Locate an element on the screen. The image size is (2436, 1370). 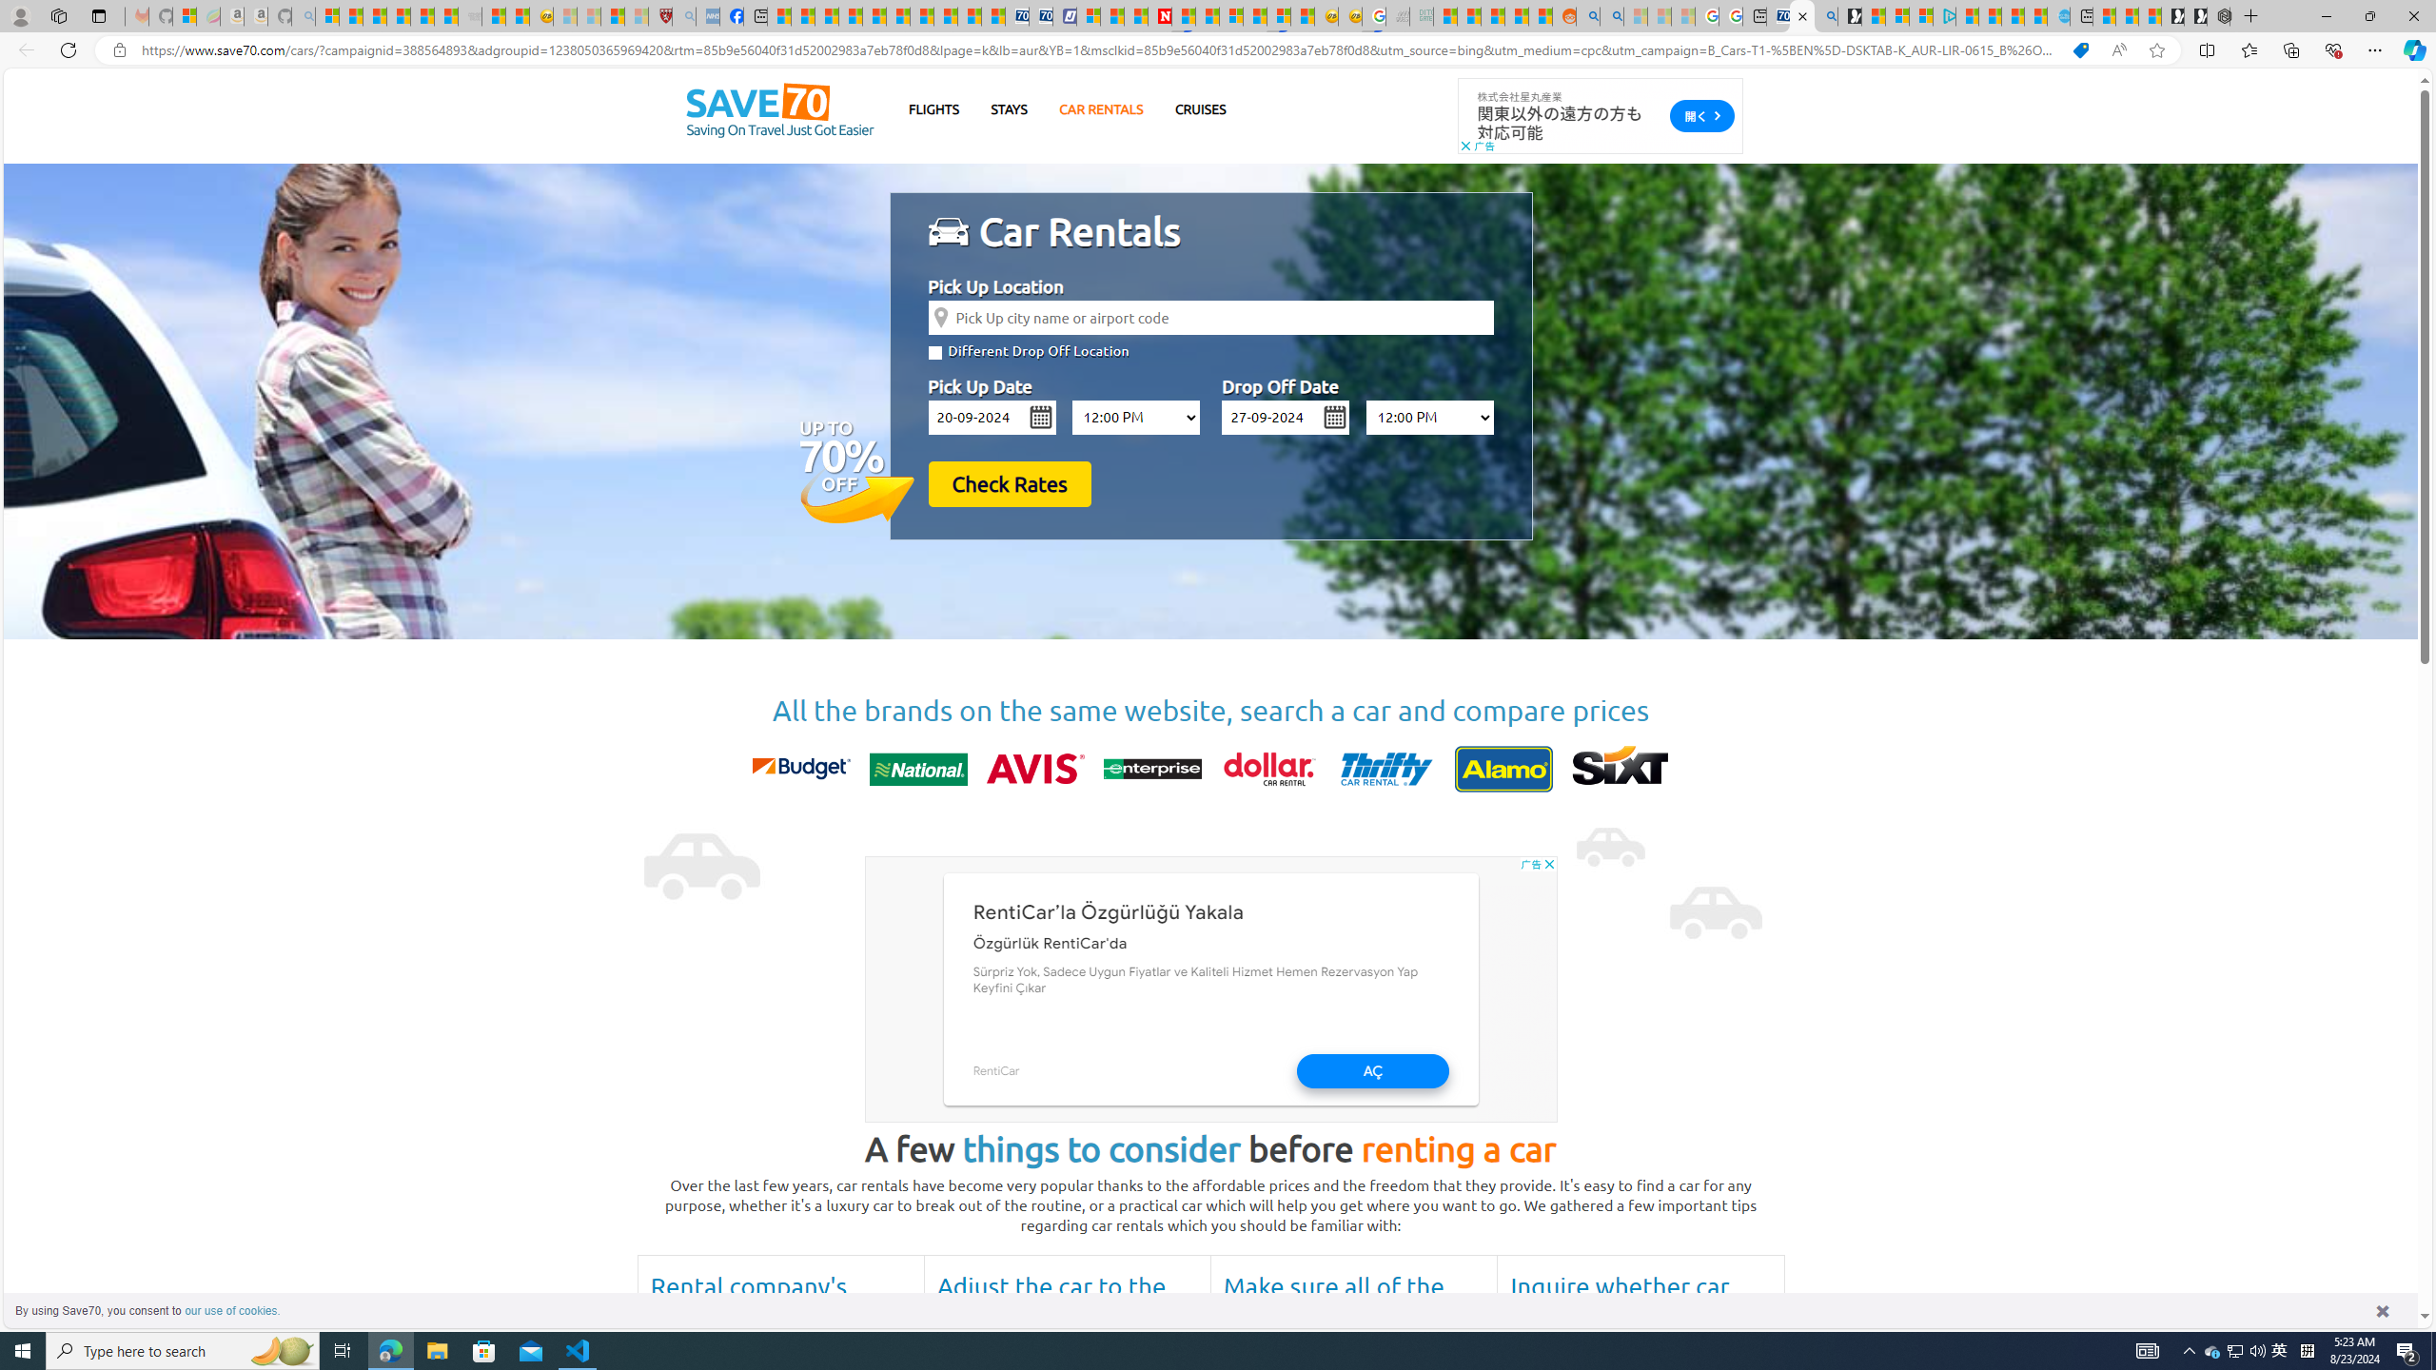
'Navy Quest' is located at coordinates (1397, 15).